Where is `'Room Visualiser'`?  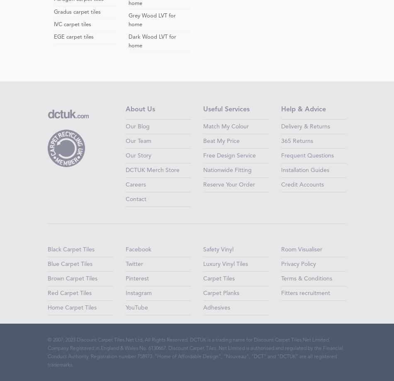 'Room Visualiser' is located at coordinates (301, 249).